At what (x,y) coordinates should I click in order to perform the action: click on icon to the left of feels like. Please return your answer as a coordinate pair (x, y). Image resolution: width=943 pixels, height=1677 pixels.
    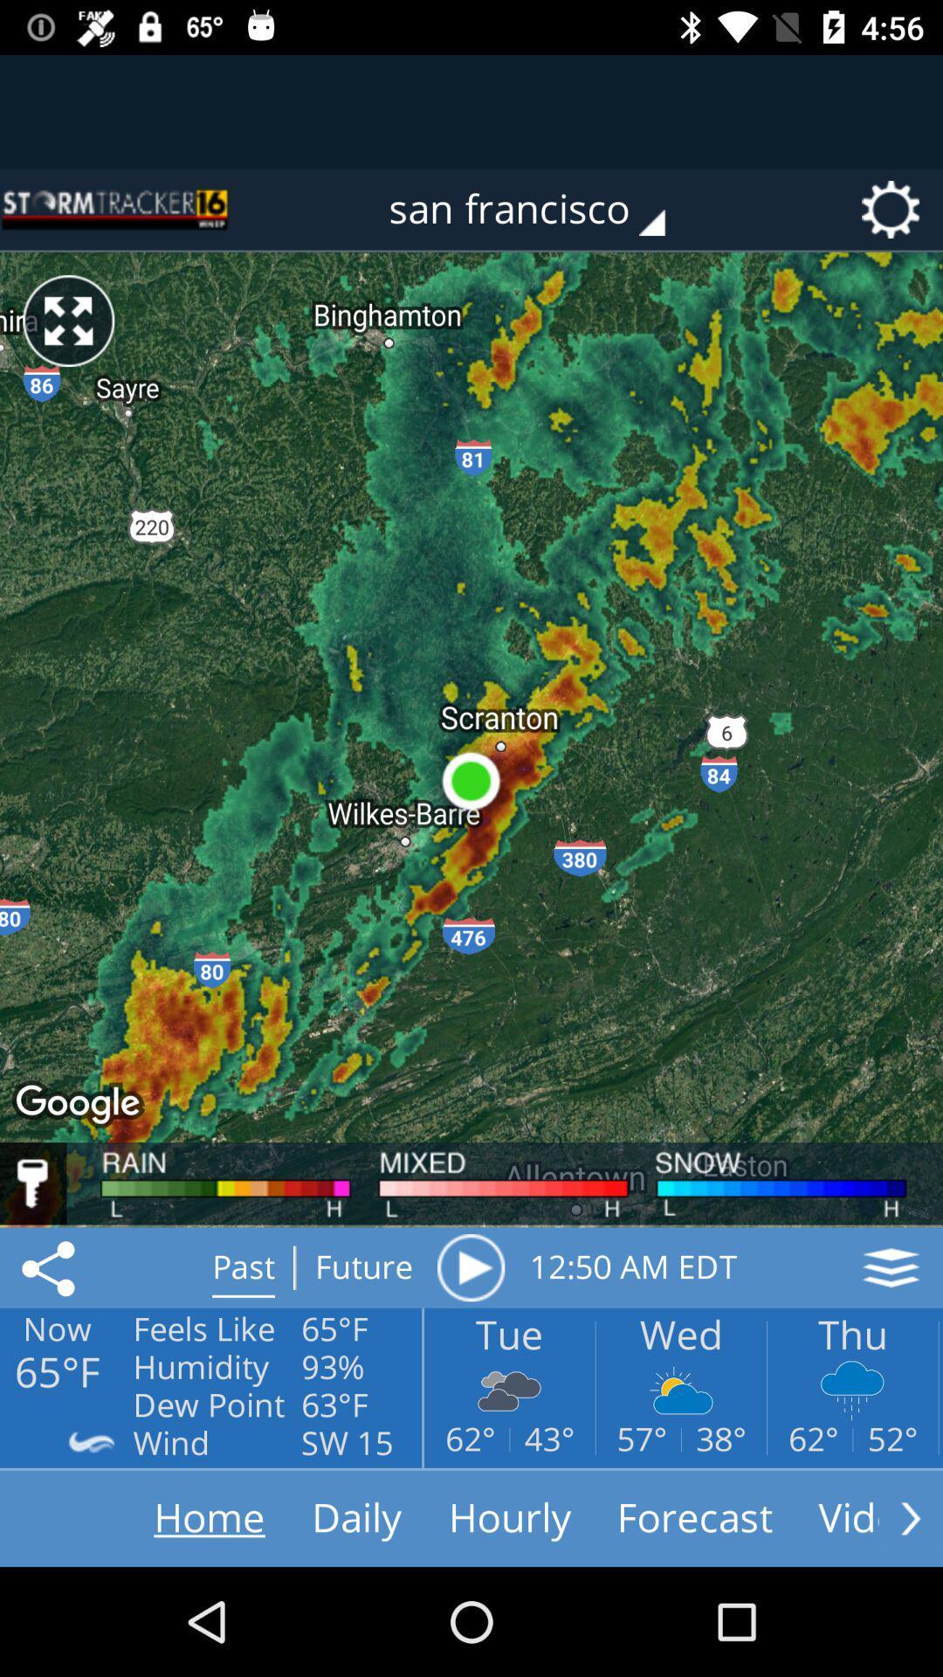
    Looking at the image, I should click on (51, 1267).